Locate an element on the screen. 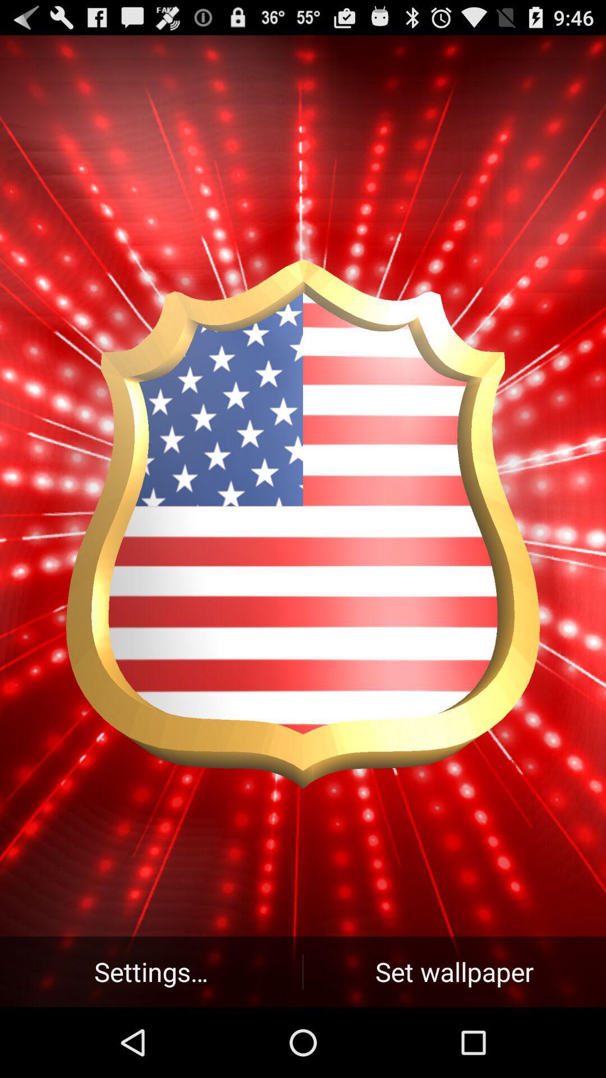  button at the bottom left corner is located at coordinates (150, 971).